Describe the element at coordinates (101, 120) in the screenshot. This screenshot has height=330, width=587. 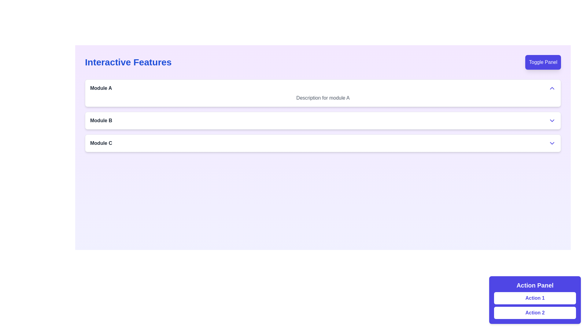
I see `the 'Module B' text label, which is styled with bold typography in a dark color and located within the second section of vertically stacked modules` at that location.